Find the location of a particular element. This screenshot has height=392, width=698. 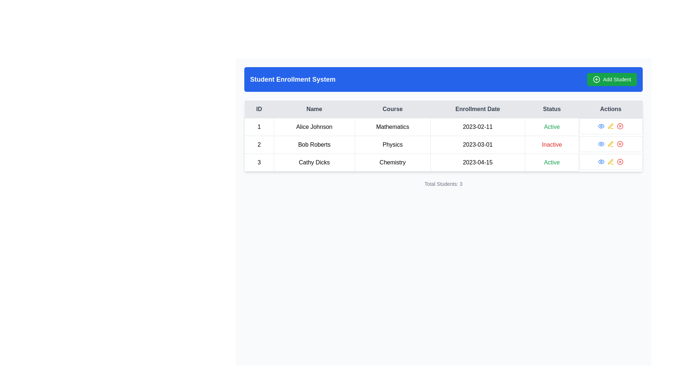

the edit button in the 'Actions' column for the student 'Bob Roberts' is located at coordinates (611, 144).